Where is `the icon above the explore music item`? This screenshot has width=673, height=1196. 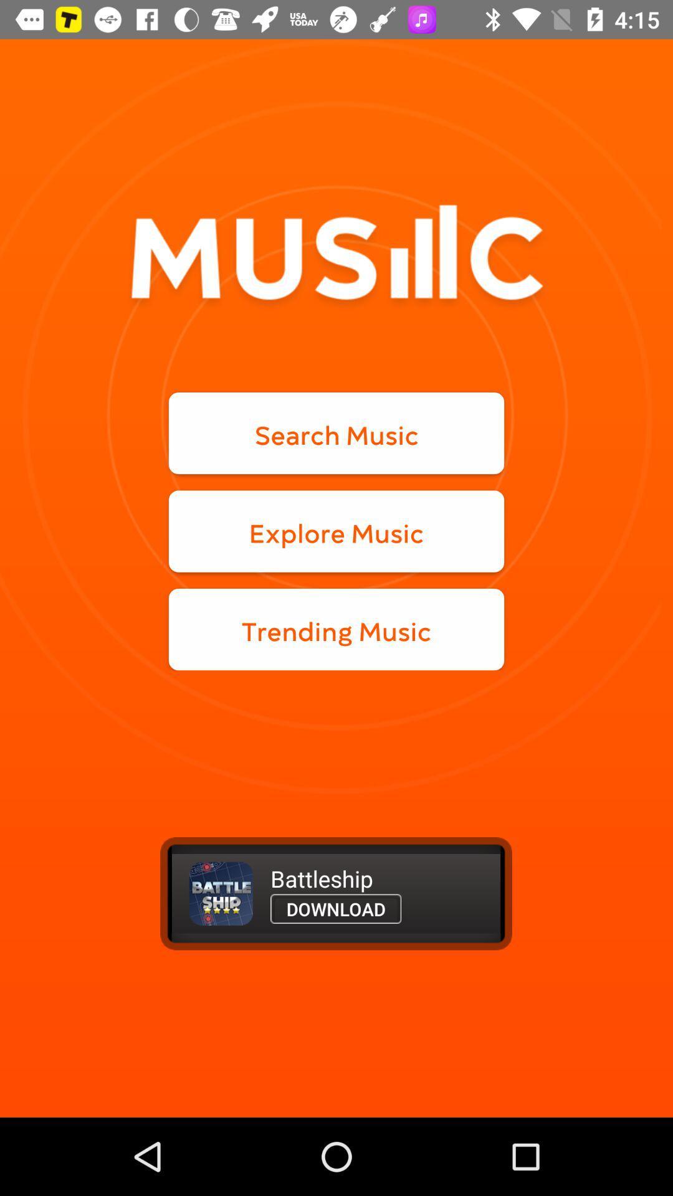 the icon above the explore music item is located at coordinates (336, 433).